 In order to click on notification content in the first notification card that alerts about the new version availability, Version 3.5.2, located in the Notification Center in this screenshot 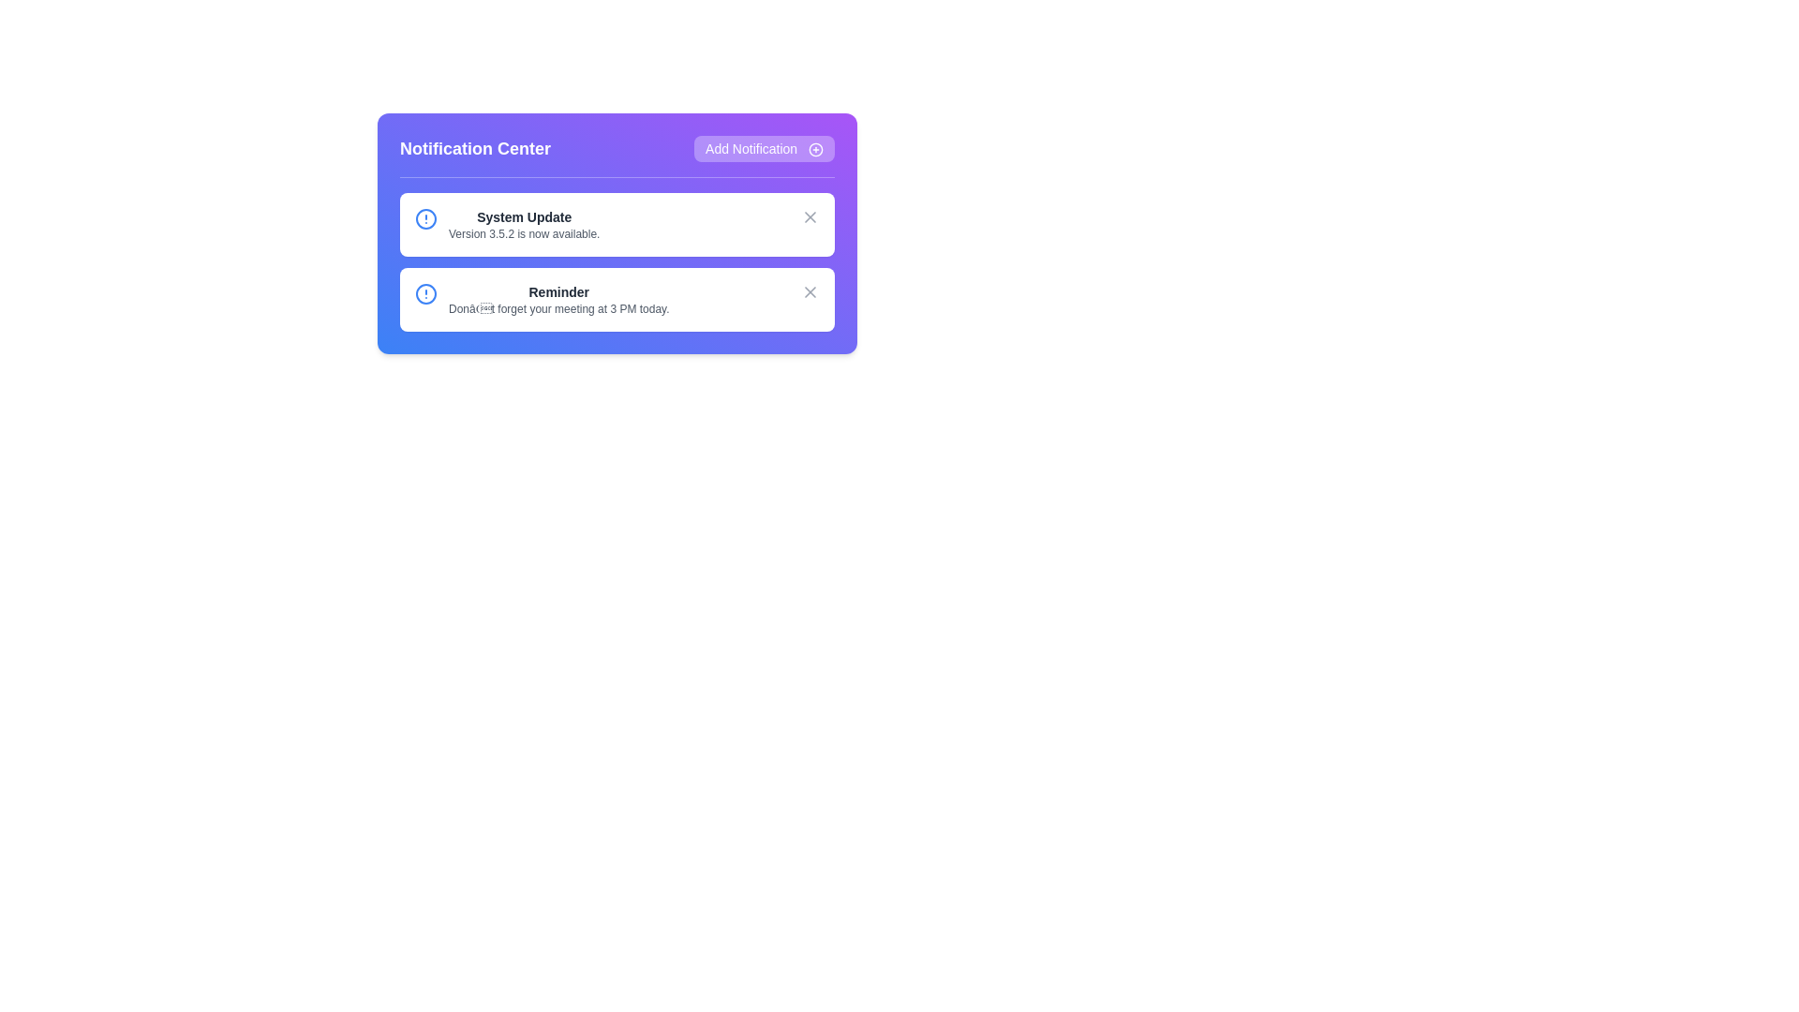, I will do `click(524, 223)`.